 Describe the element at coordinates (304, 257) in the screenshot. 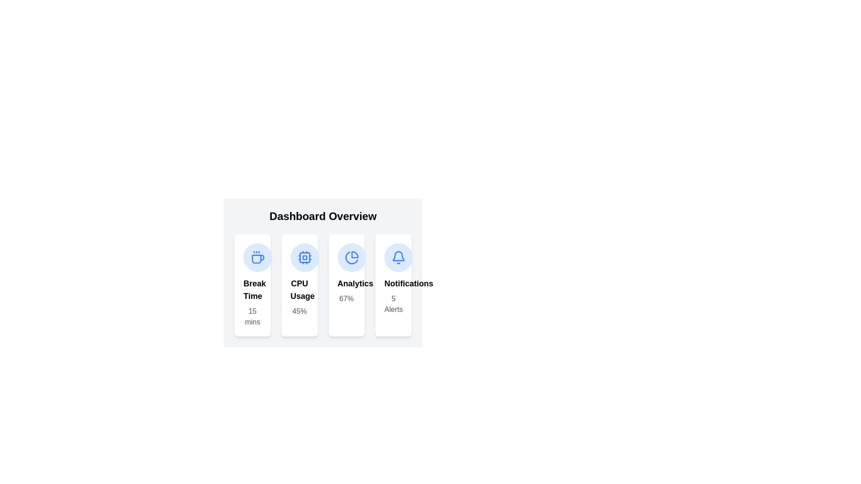

I see `the CPU icon in the 'CPU Usage' section of the dashboard, which is styled in blue and resembles a chip with pins` at that location.